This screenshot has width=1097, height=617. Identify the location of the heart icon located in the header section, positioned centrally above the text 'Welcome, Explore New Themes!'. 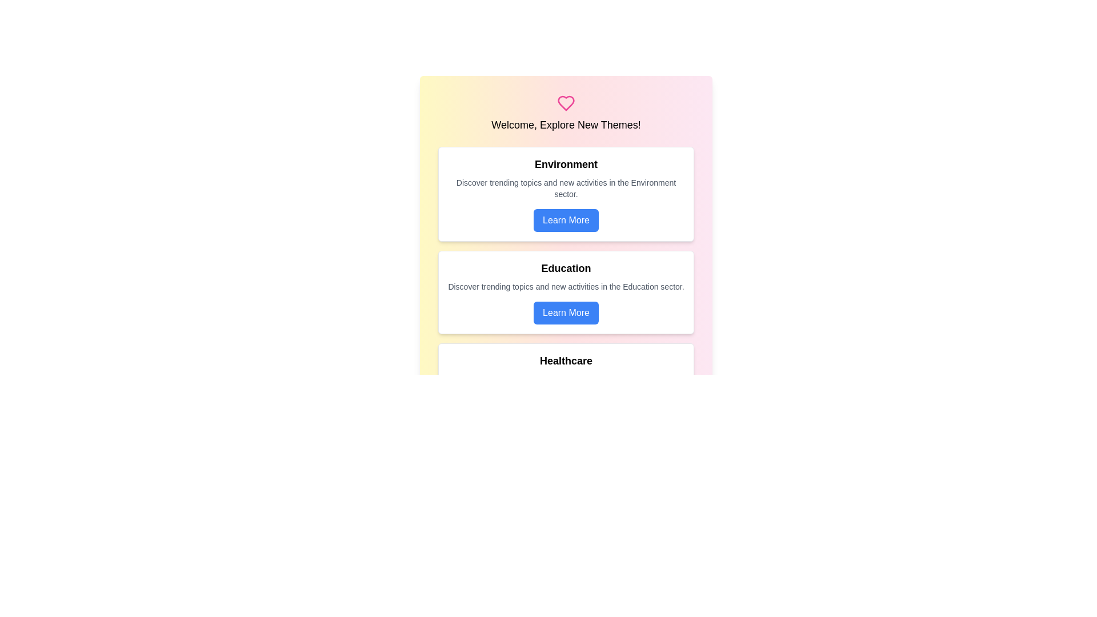
(566, 103).